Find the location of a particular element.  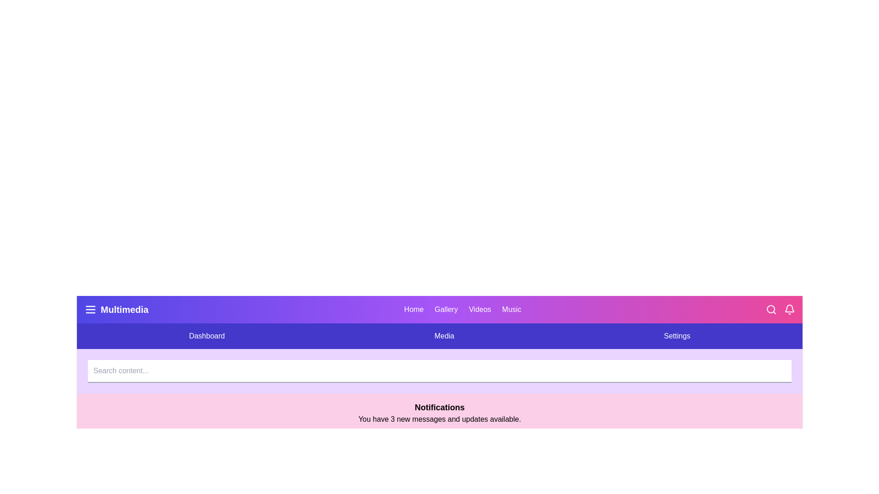

the Bell icon to toggle the notifications panel visibility is located at coordinates (789, 309).